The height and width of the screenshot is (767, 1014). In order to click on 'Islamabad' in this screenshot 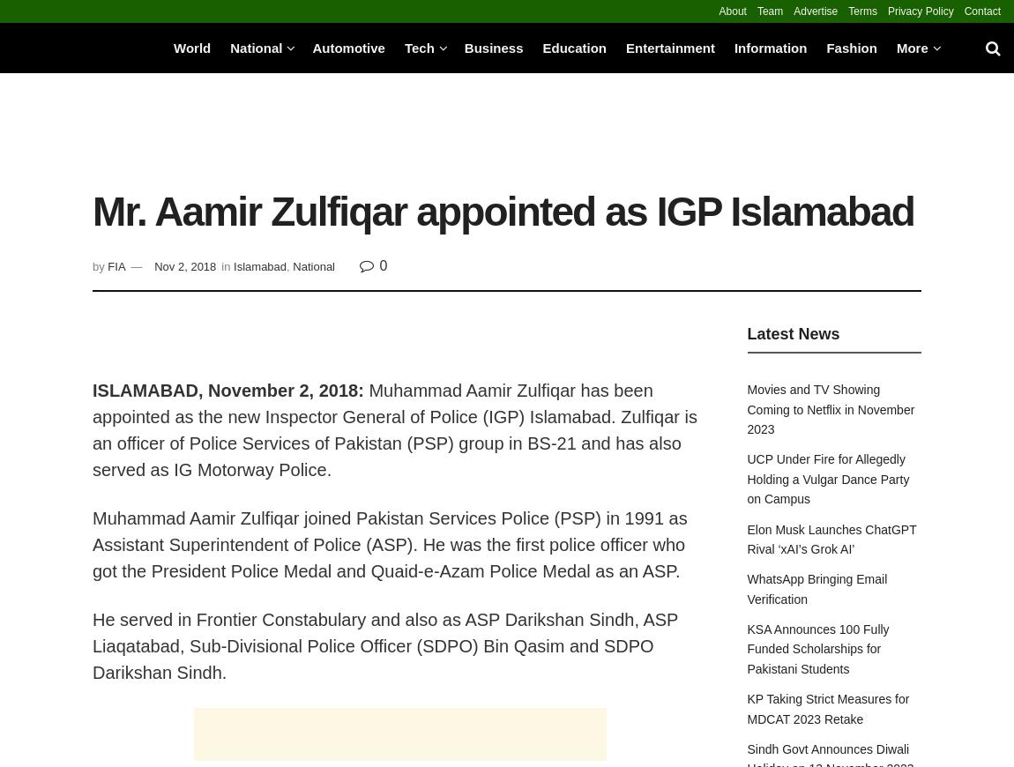, I will do `click(259, 265)`.